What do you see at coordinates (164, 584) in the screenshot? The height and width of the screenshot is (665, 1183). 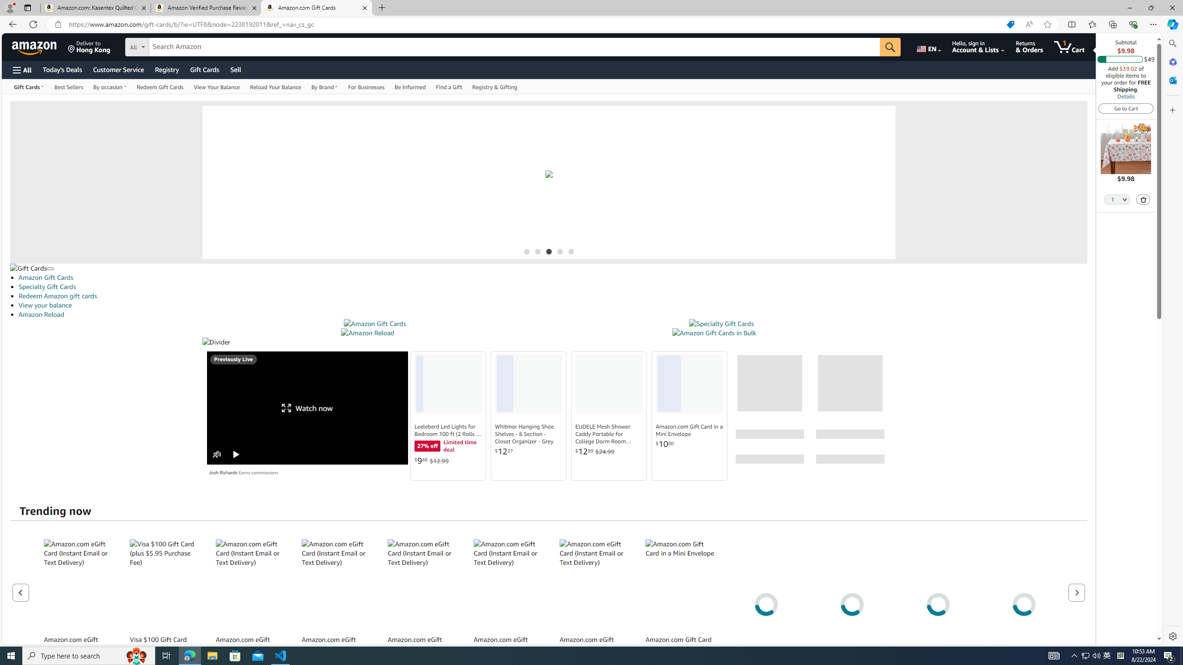 I see `'Visa $100 Gift Card (plus $5.95 Purchase Fee)'` at bounding box center [164, 584].